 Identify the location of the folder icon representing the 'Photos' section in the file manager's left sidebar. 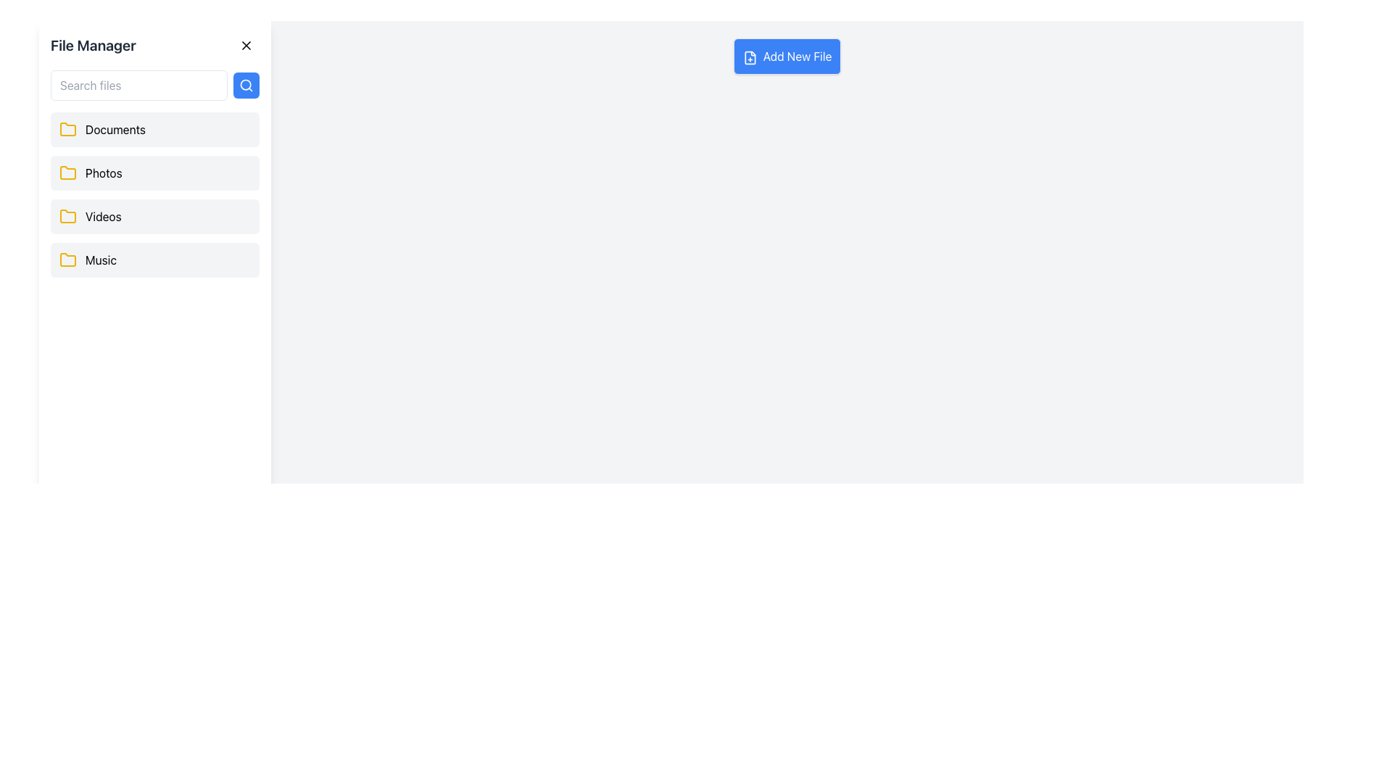
(67, 173).